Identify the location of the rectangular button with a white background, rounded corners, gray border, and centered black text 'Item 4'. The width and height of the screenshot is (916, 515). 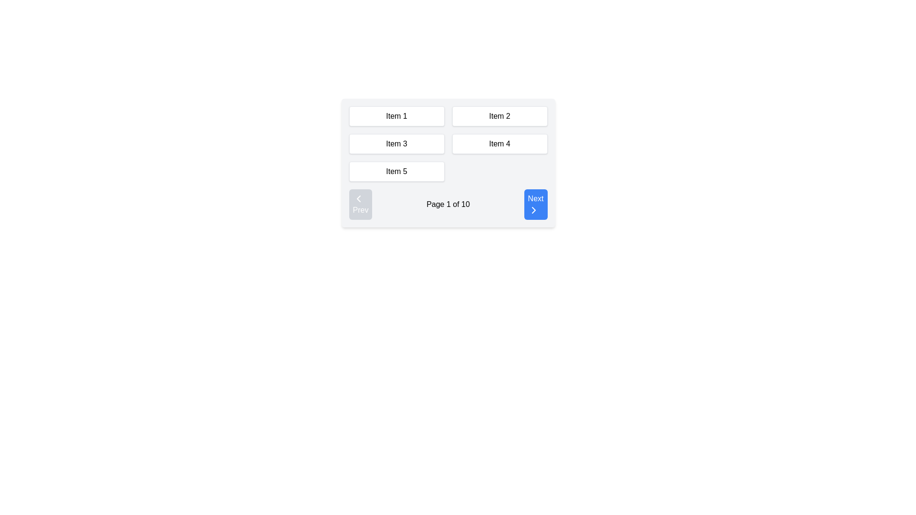
(499, 144).